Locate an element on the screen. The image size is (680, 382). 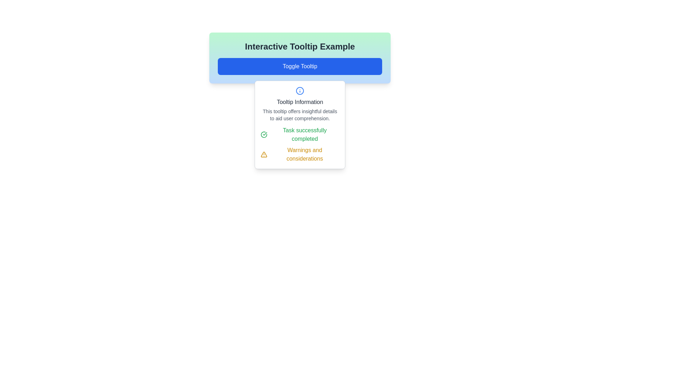
the static text label reading 'Warnings and considerations', which is styled in yellow-orange color and located at the bottom of the tooltip card is located at coordinates (305, 154).